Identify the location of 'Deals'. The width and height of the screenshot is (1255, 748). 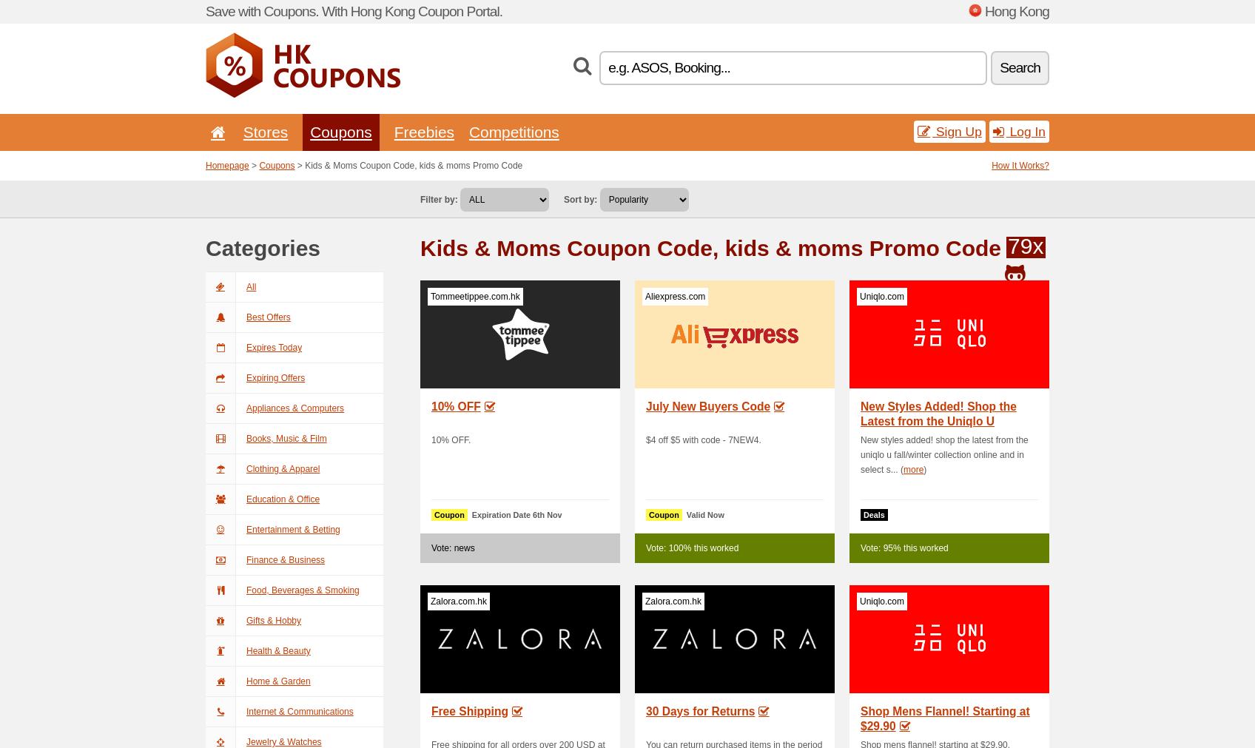
(864, 513).